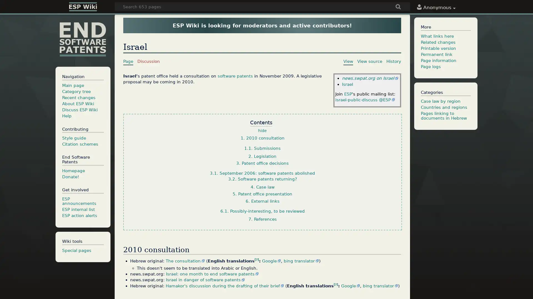  What do you see at coordinates (262, 131) in the screenshot?
I see `hide` at bounding box center [262, 131].